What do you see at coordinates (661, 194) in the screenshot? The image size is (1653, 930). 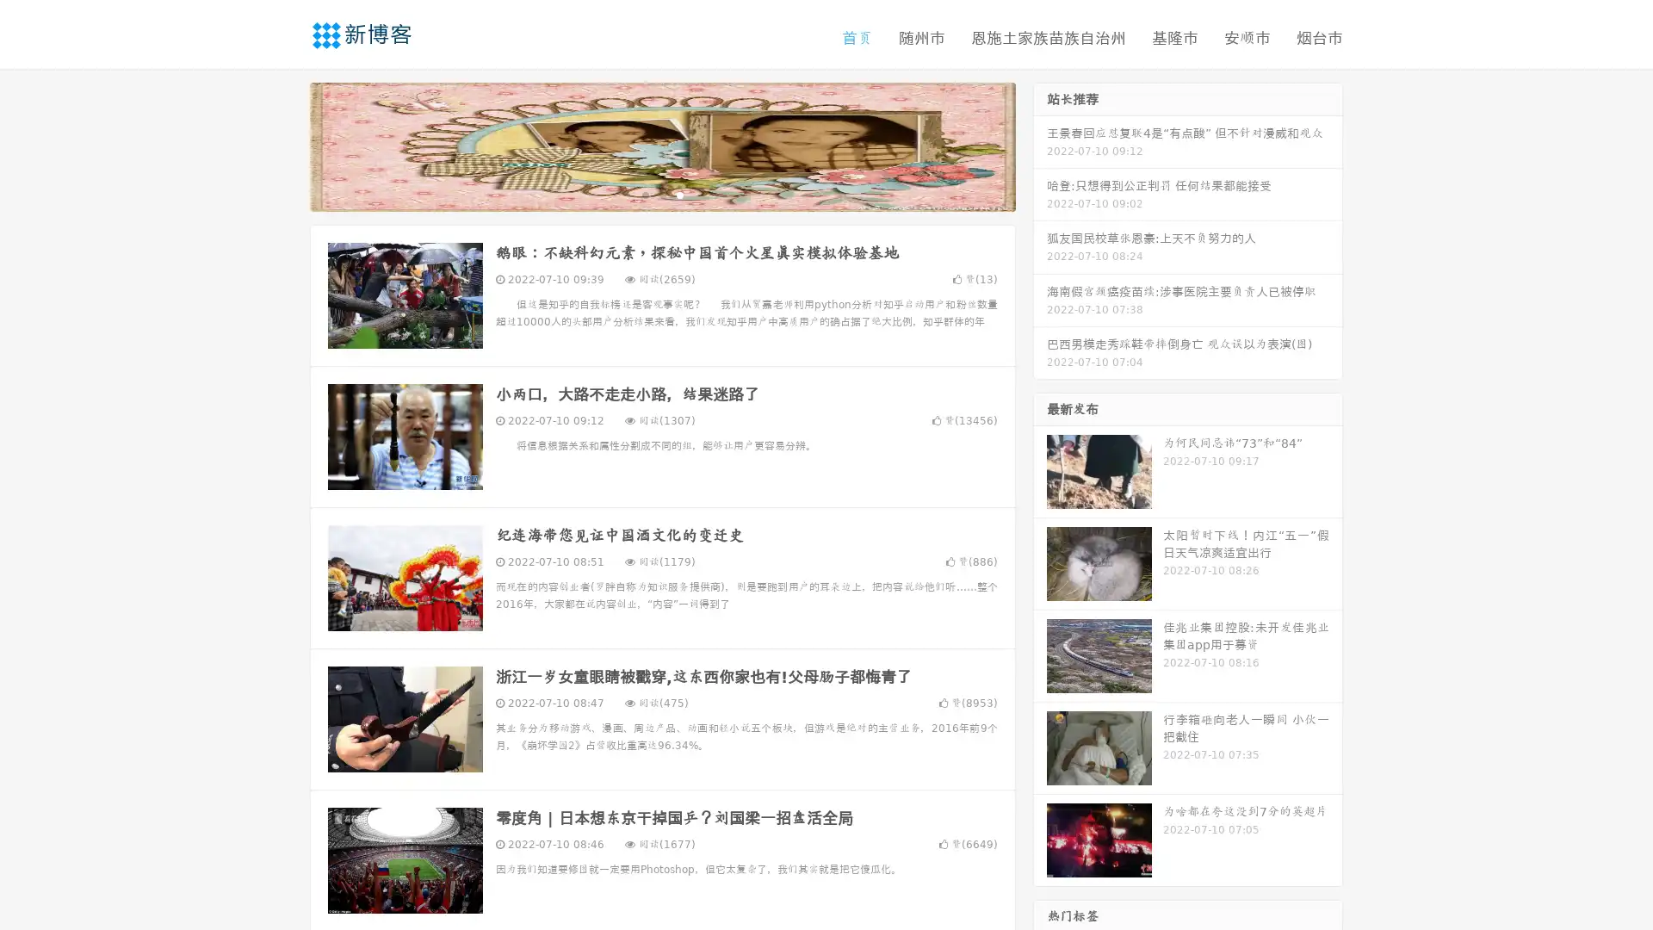 I see `Go to slide 2` at bounding box center [661, 194].